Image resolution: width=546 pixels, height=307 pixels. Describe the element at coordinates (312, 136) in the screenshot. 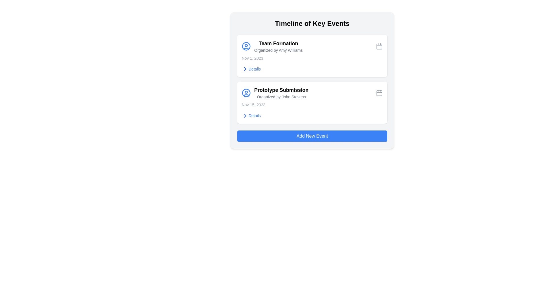

I see `the rectangular blue button labeled 'Add New Event' to initiate adding a new event` at that location.